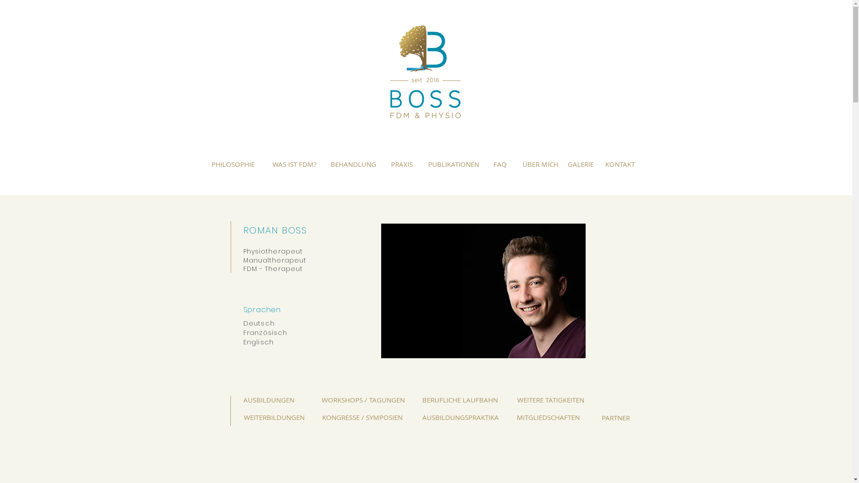  What do you see at coordinates (619, 164) in the screenshot?
I see `'KONTAKT'` at bounding box center [619, 164].